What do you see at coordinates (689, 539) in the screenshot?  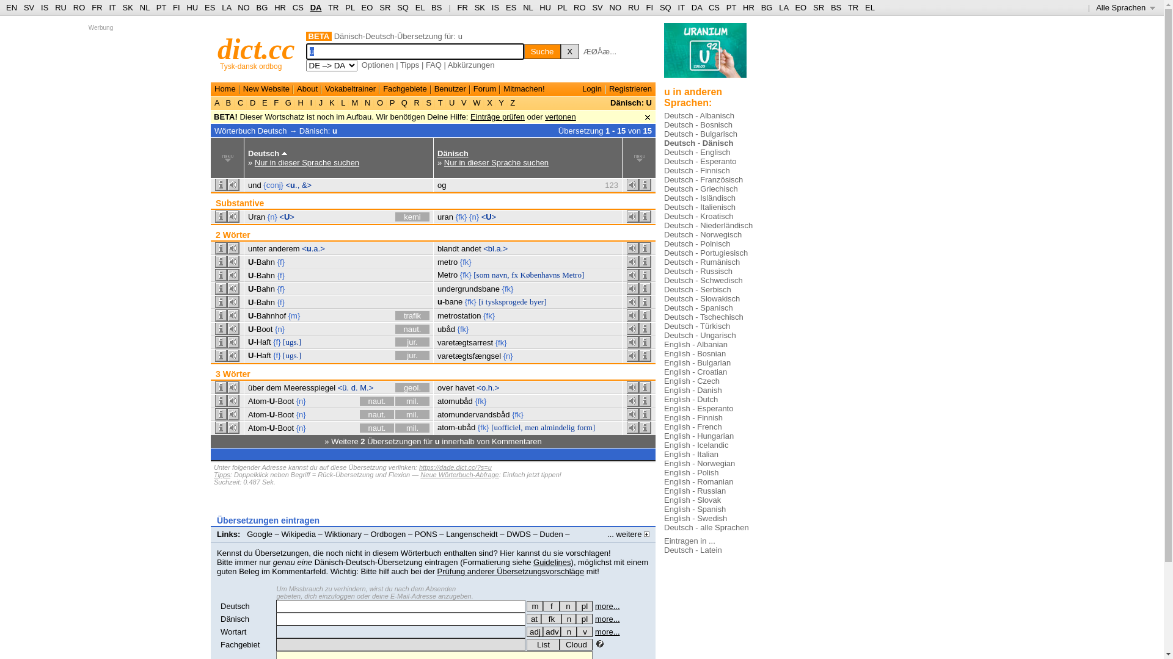 I see `'Eintragen in ...'` at bounding box center [689, 539].